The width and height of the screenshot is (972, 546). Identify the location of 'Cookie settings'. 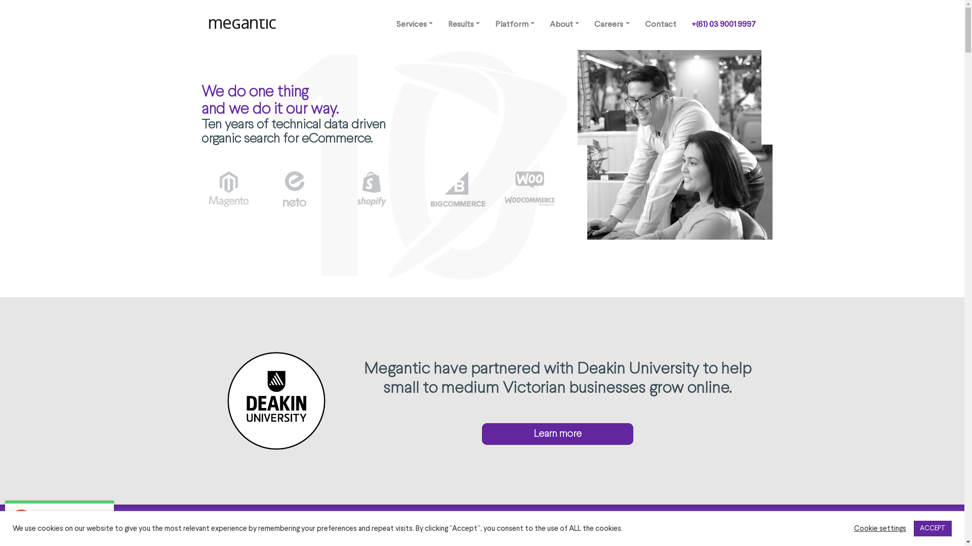
(853, 528).